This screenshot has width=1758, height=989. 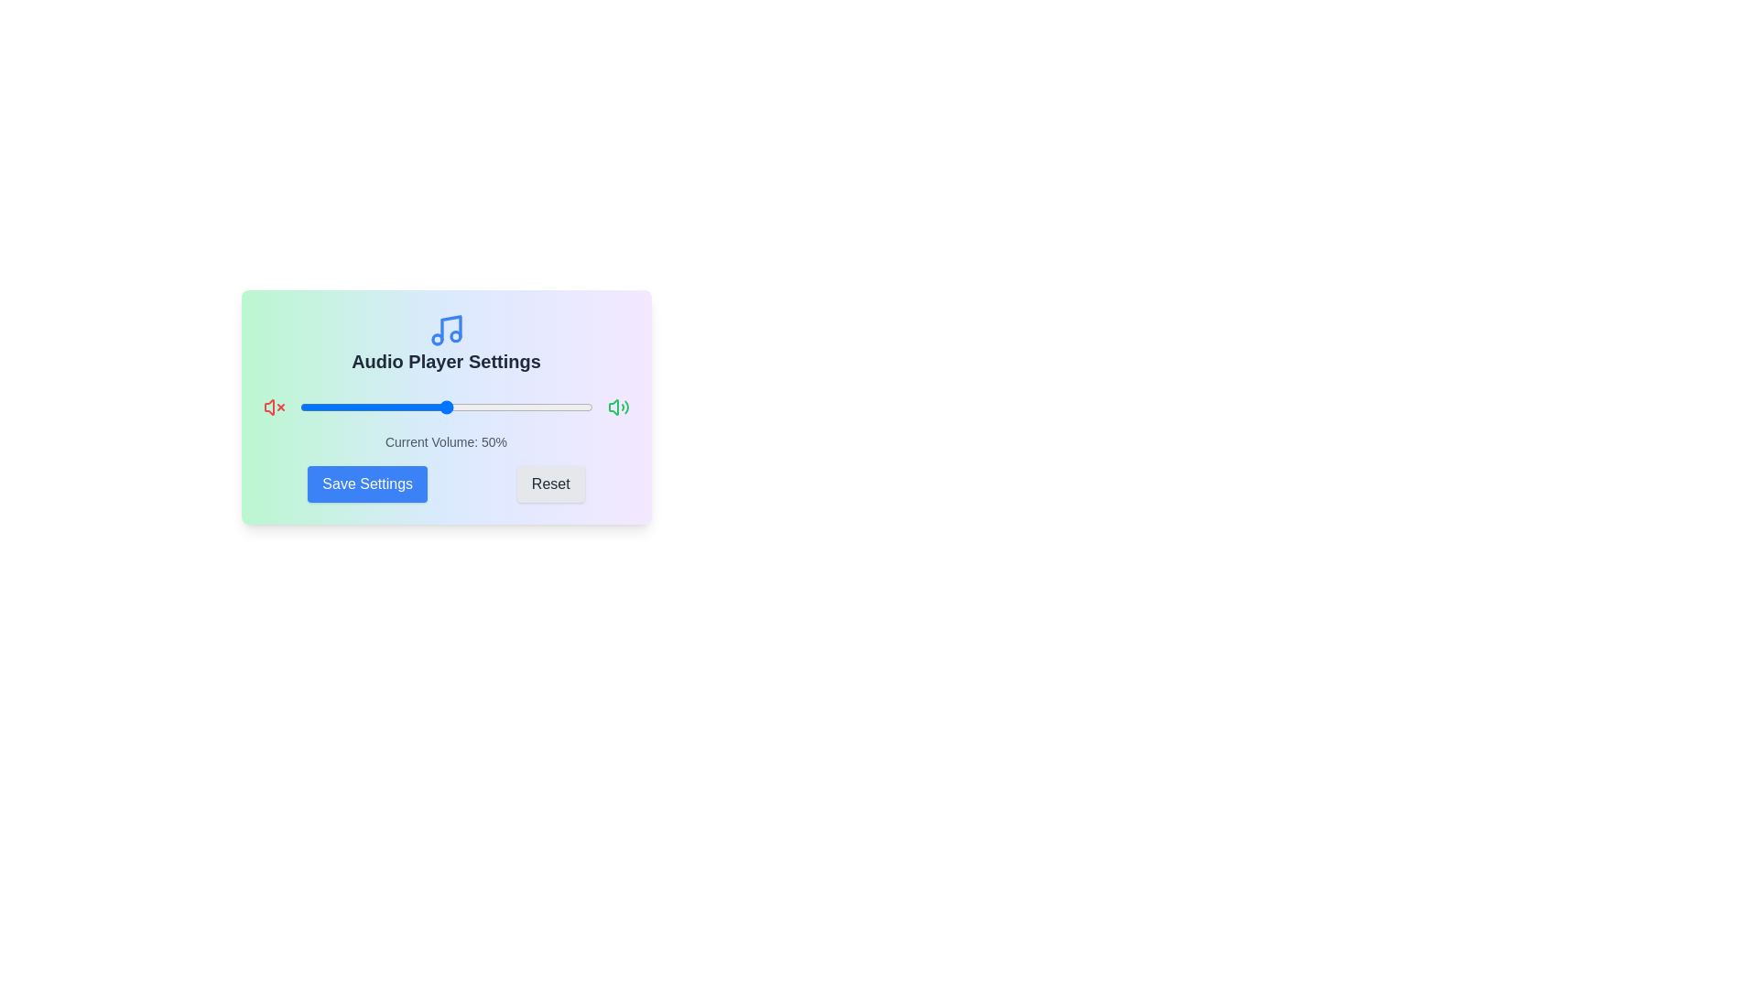 What do you see at coordinates (446, 331) in the screenshot?
I see `the decorative audio icon located directly above the 'Audio Player Settings' heading in the interface` at bounding box center [446, 331].